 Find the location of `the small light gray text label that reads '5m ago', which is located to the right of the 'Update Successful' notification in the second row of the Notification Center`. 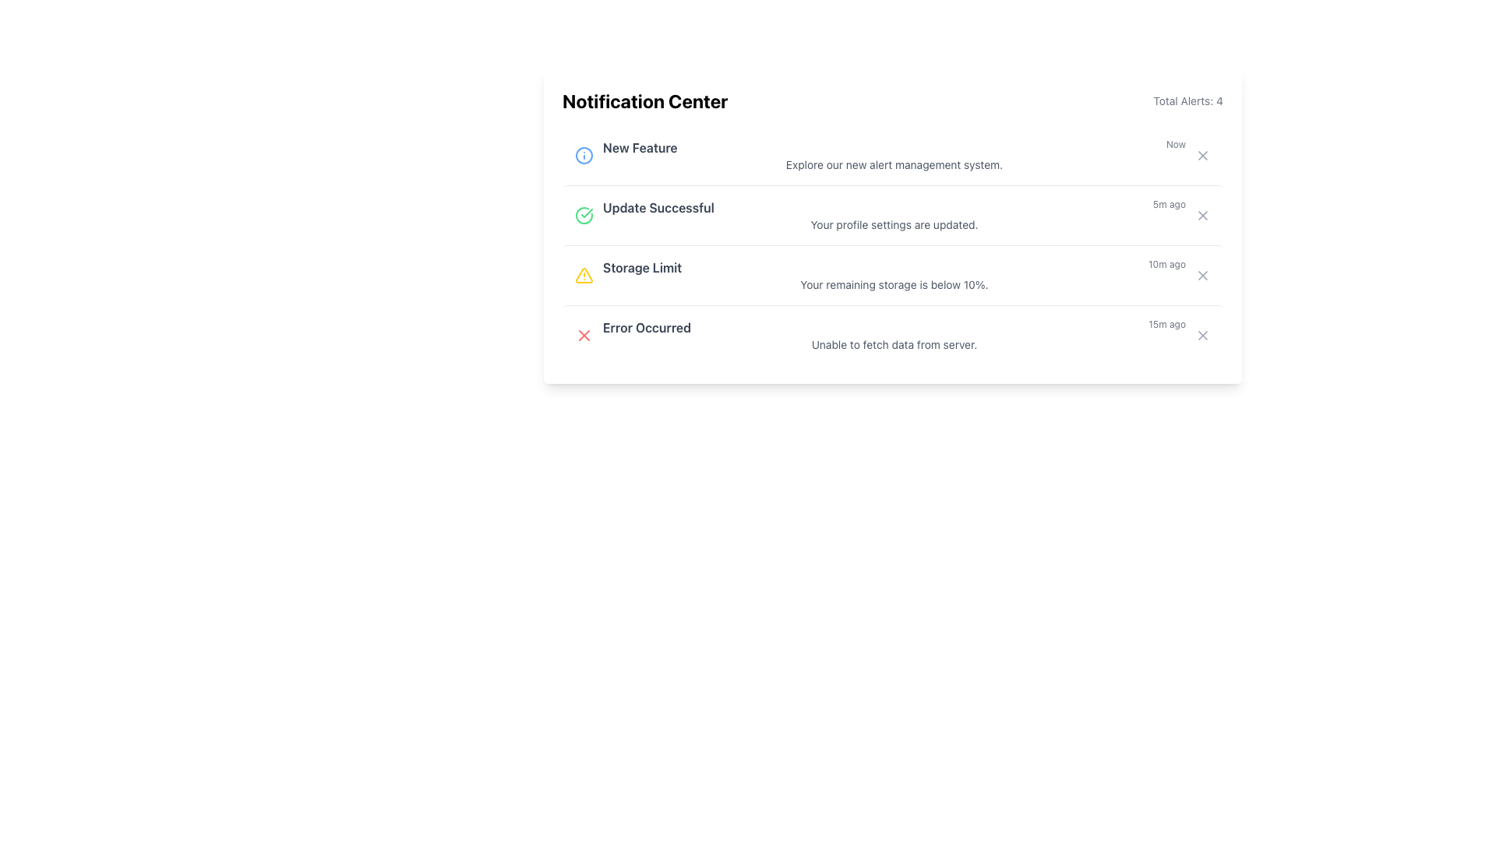

the small light gray text label that reads '5m ago', which is located to the right of the 'Update Successful' notification in the second row of the Notification Center is located at coordinates (1169, 206).